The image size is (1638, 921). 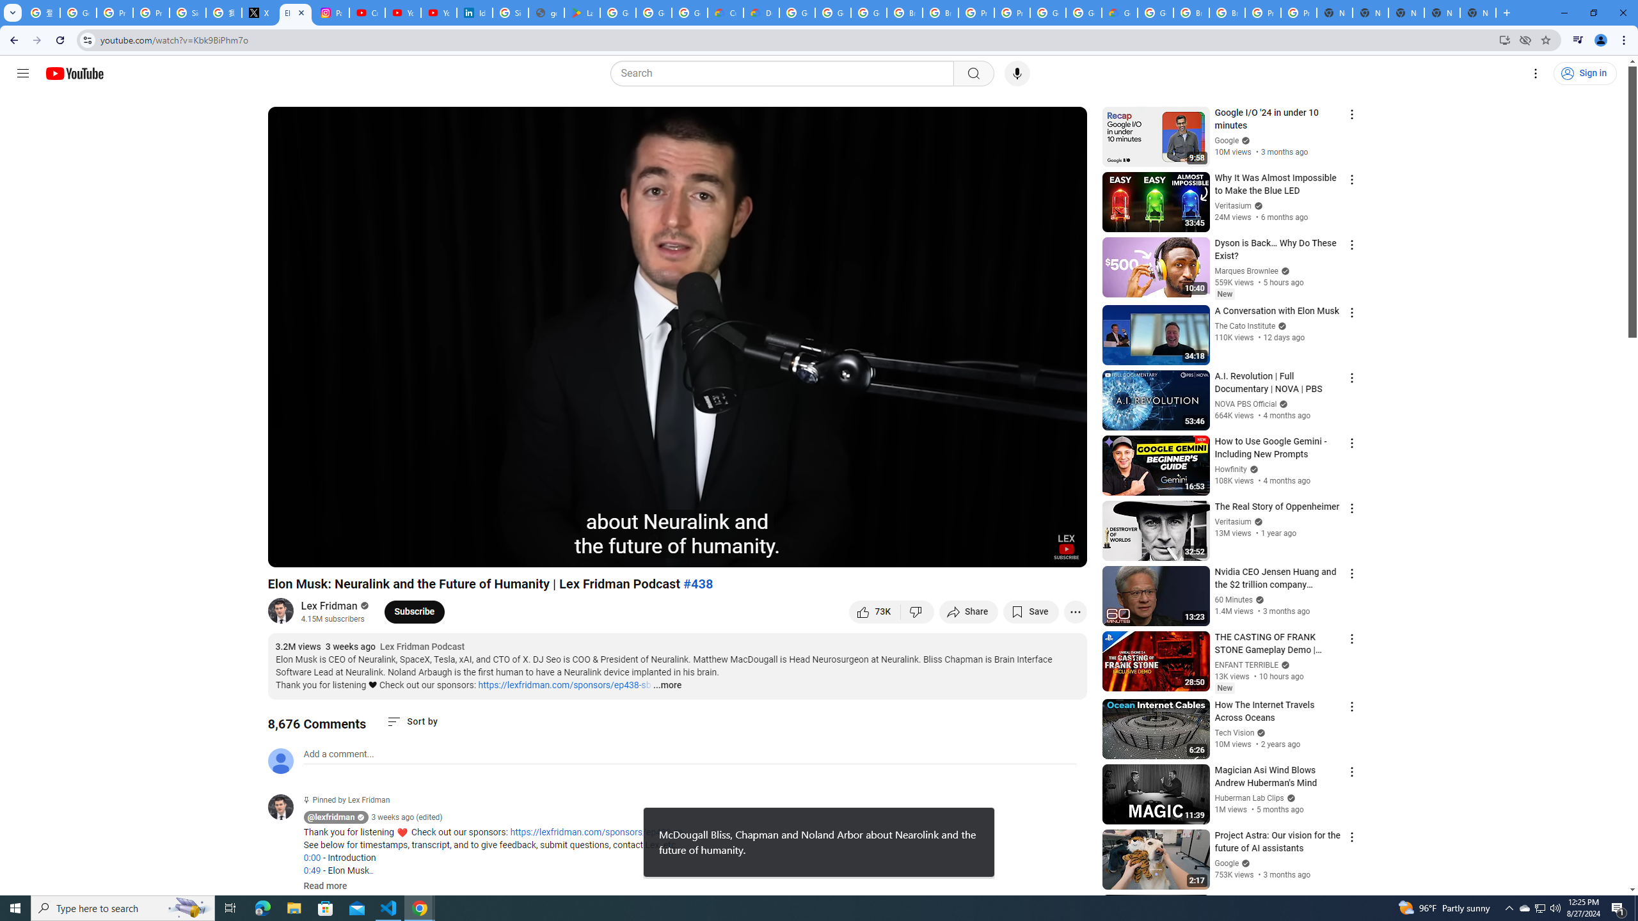 What do you see at coordinates (285, 807) in the screenshot?
I see `'@lexfridman'` at bounding box center [285, 807].